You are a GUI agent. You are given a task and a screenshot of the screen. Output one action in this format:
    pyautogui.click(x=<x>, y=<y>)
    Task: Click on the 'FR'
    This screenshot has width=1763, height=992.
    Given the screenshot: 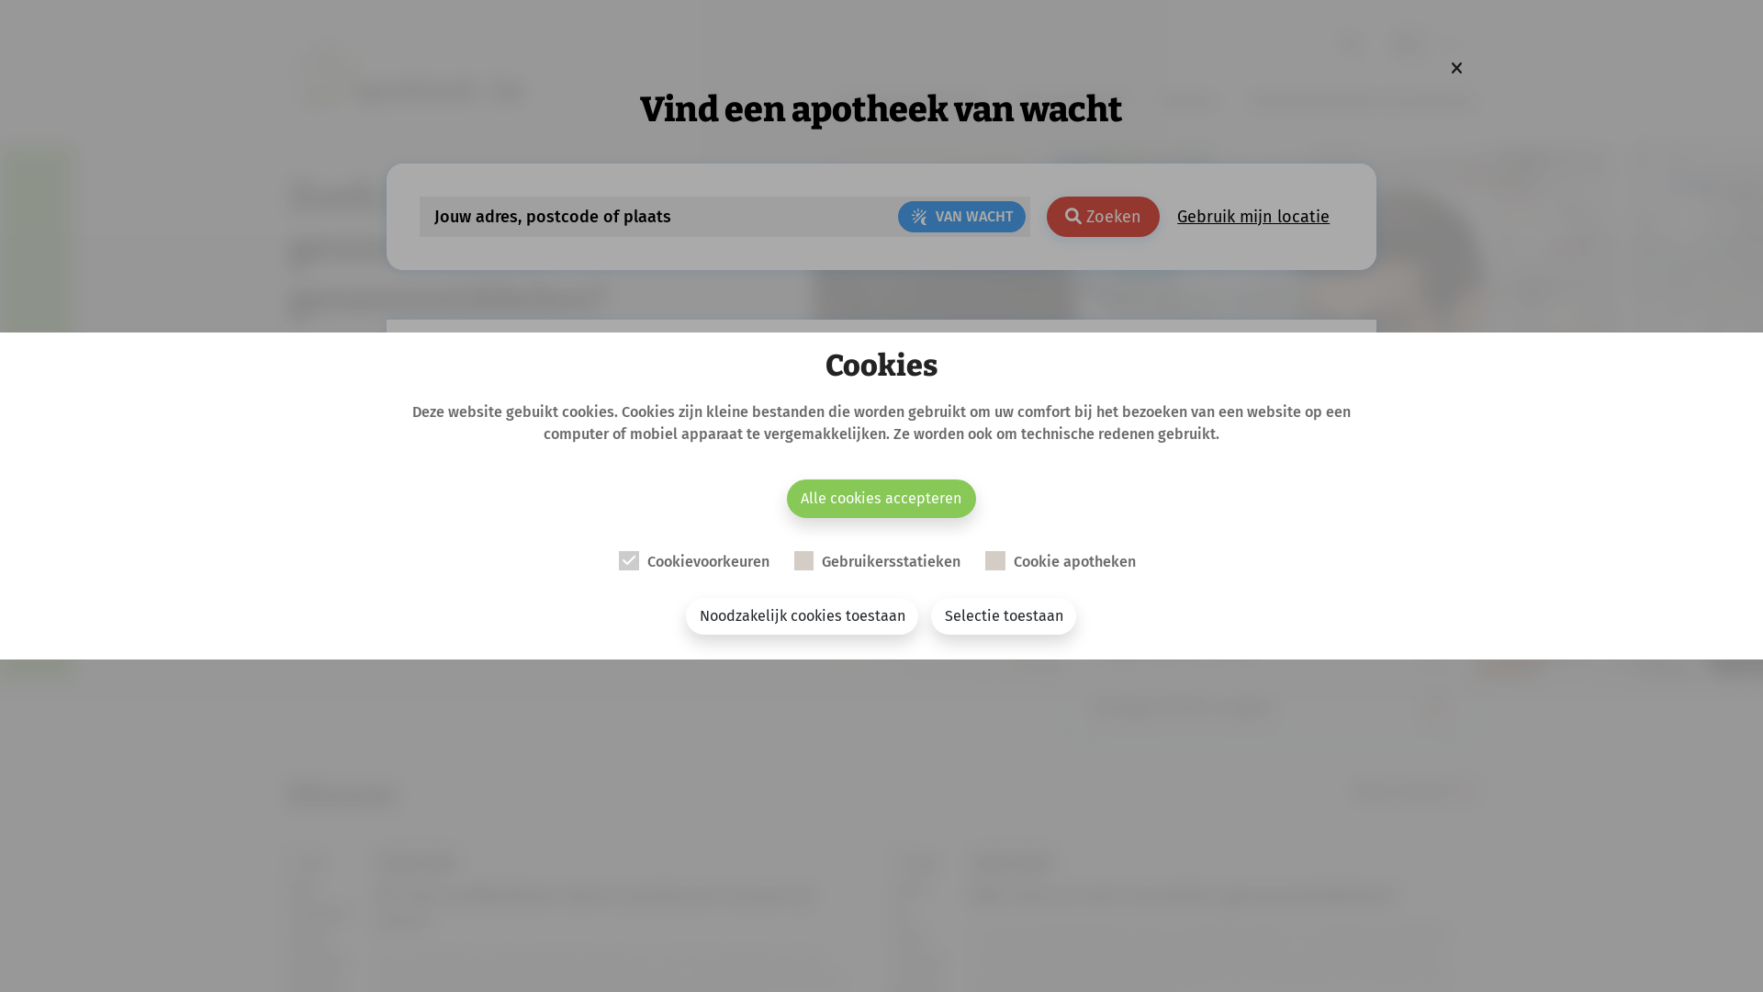 What is the action you would take?
    pyautogui.click(x=1452, y=43)
    